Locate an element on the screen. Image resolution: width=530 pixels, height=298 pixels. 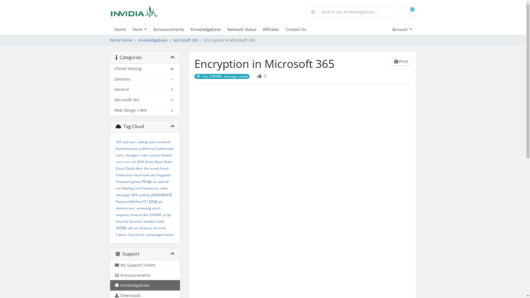
'Home' is located at coordinates (123, 29).